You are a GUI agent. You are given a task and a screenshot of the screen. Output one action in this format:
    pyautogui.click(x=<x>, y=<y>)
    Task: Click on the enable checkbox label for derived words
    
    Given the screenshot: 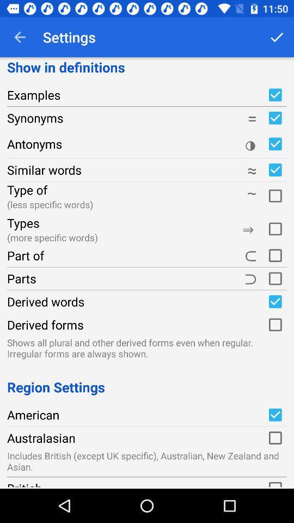 What is the action you would take?
    pyautogui.click(x=274, y=301)
    